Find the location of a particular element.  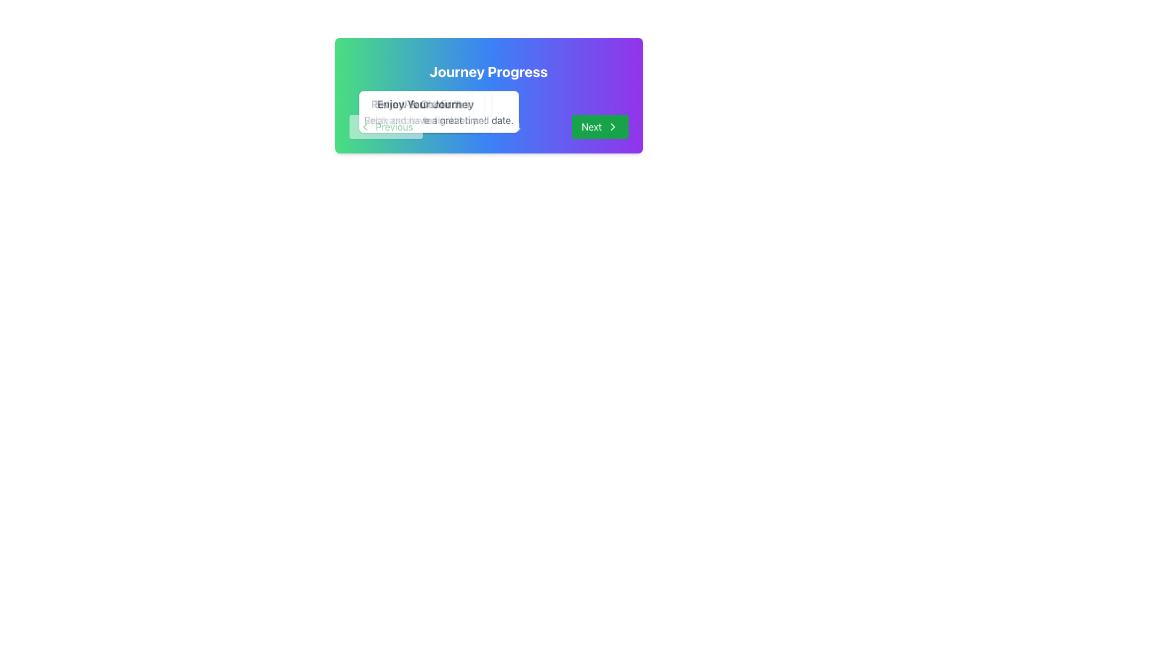

the Header text element that reads 'Journey Progress', which is prominently displayed in bold white font on a colorful gradient background at the upper section of a card-like component is located at coordinates (488, 72).